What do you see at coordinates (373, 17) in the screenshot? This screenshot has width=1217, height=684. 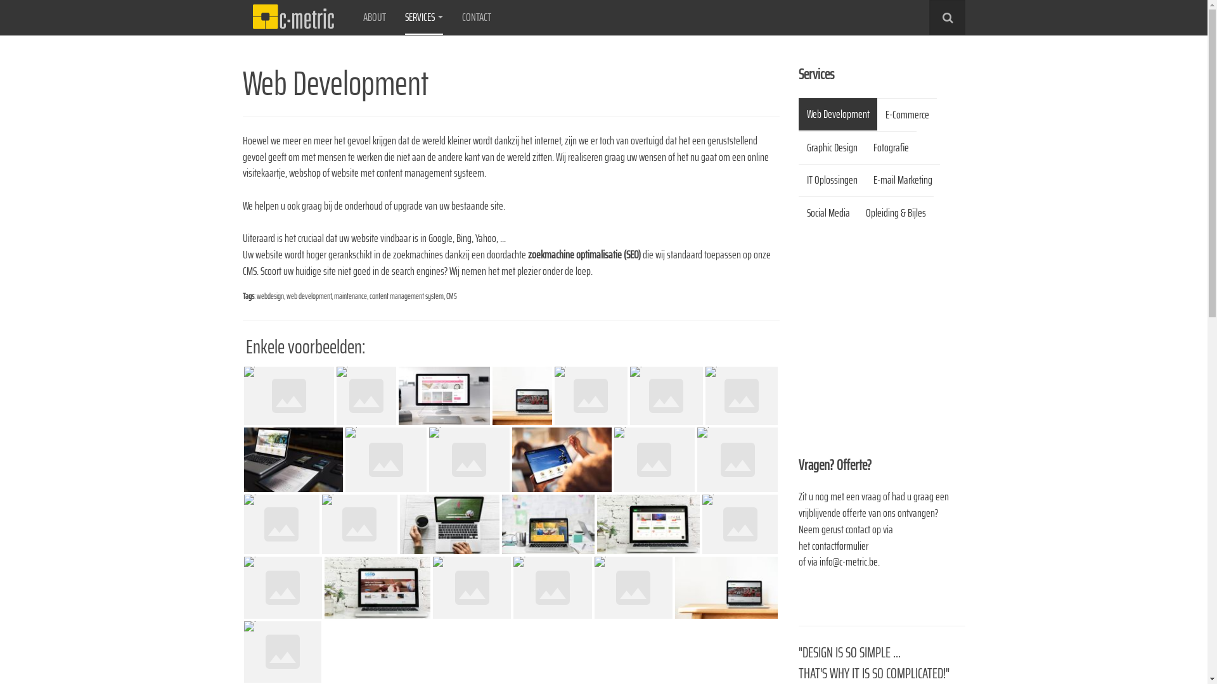 I see `'ABOUT'` at bounding box center [373, 17].